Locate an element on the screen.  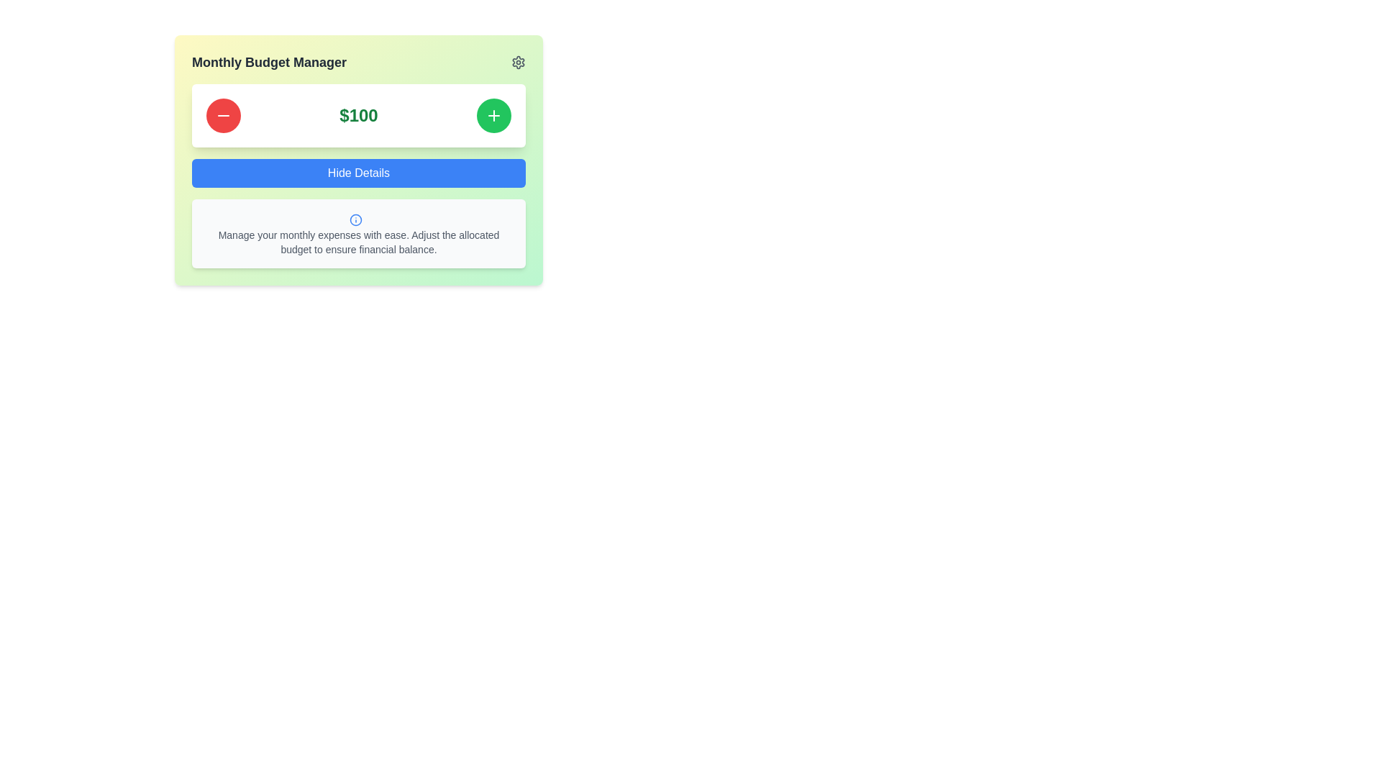
the circular blue information icon located in the small panel at the bottom of the card, aligned to the left of the text starting with 'Manage your monthly expenses...' is located at coordinates (355, 219).